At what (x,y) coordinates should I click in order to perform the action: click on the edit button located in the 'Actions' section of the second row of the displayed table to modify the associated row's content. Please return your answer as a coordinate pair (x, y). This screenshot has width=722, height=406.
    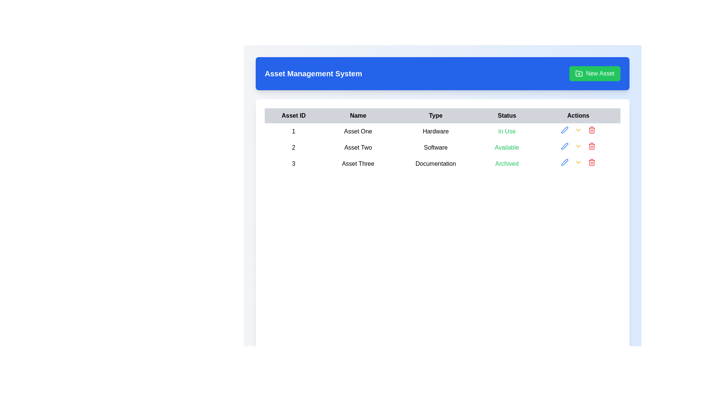
    Looking at the image, I should click on (564, 146).